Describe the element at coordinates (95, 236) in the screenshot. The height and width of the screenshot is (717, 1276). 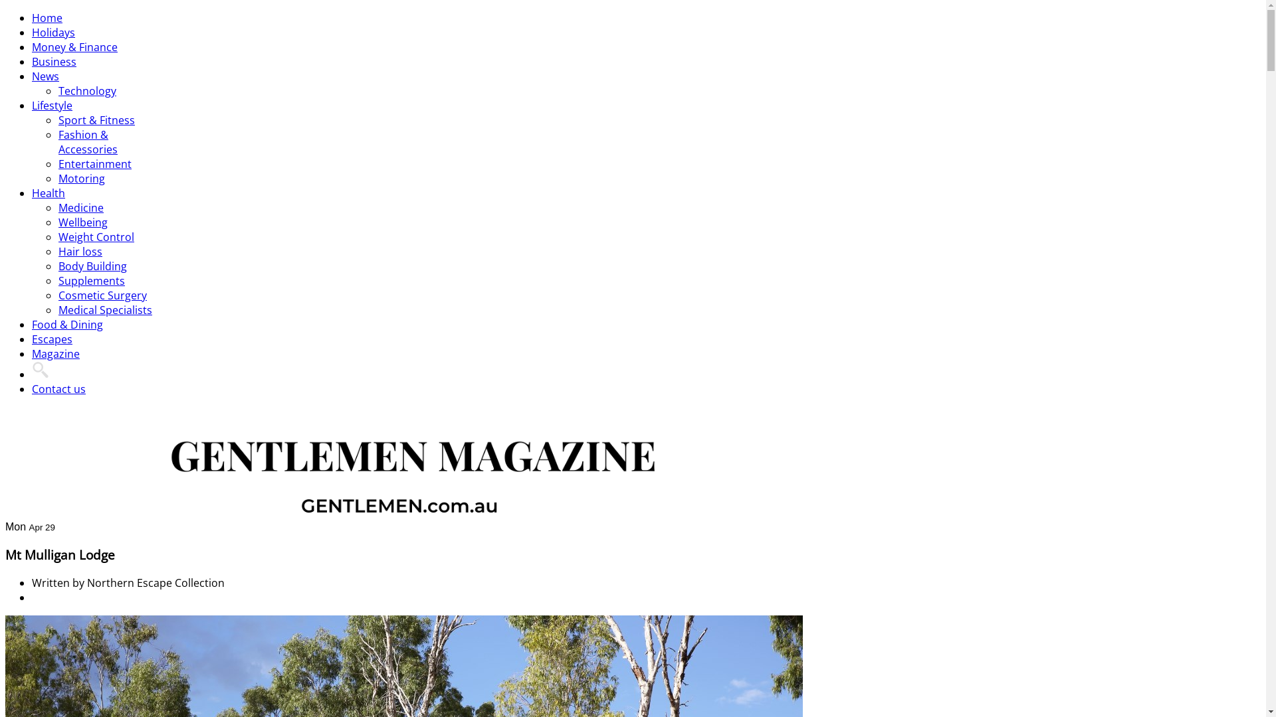
I see `'Weight Control'` at that location.